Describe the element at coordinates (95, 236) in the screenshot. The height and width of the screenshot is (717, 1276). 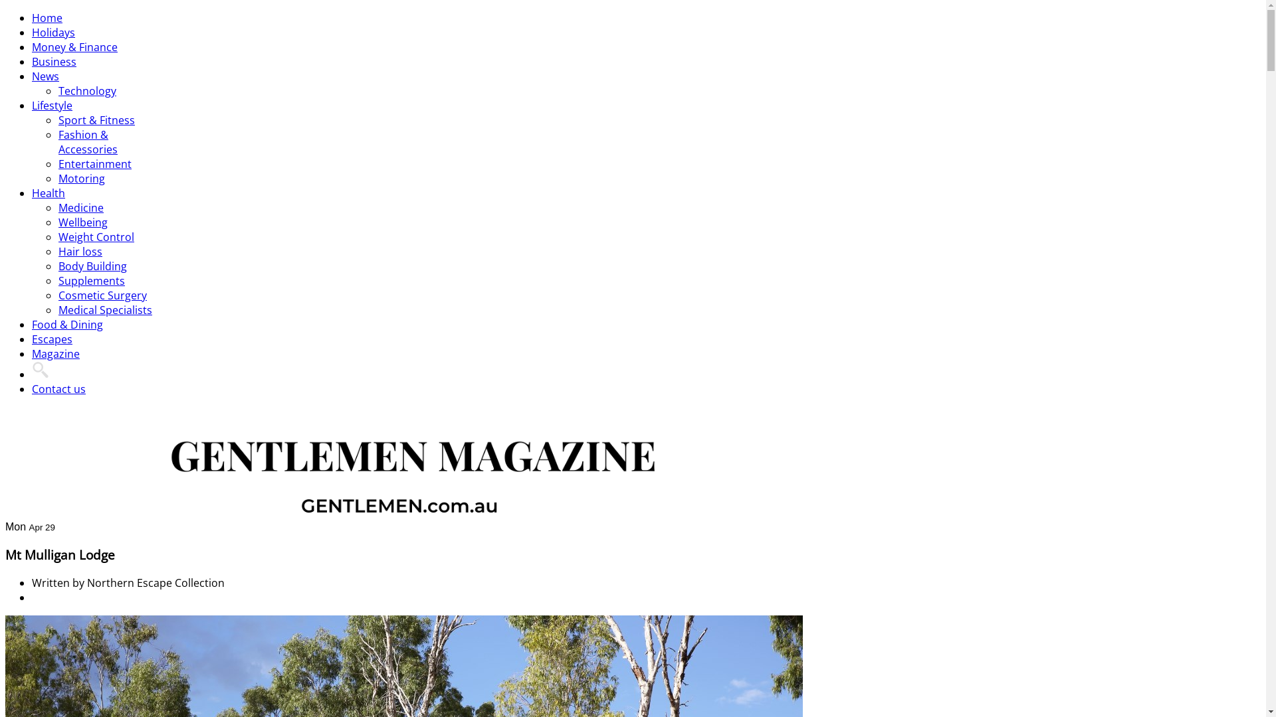
I see `'Weight Control'` at that location.